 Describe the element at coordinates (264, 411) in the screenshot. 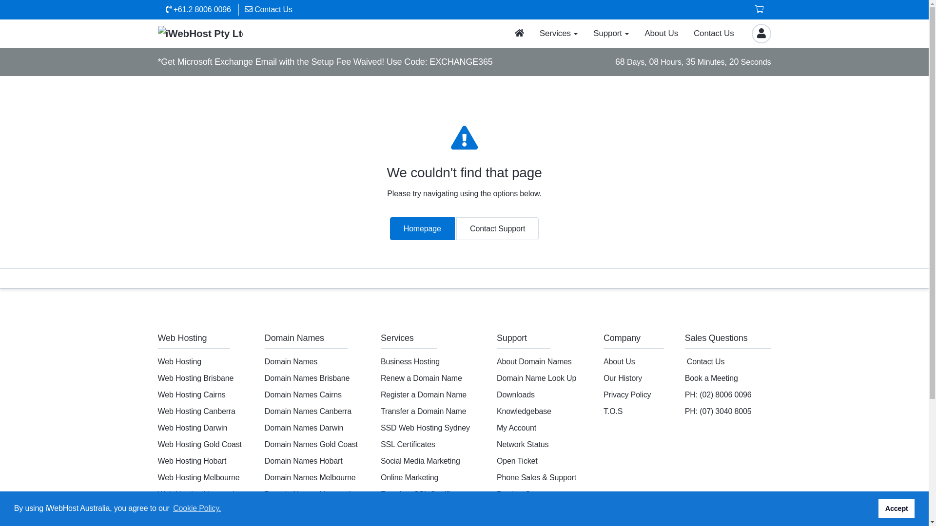

I see `'Domain Names Canberra'` at that location.